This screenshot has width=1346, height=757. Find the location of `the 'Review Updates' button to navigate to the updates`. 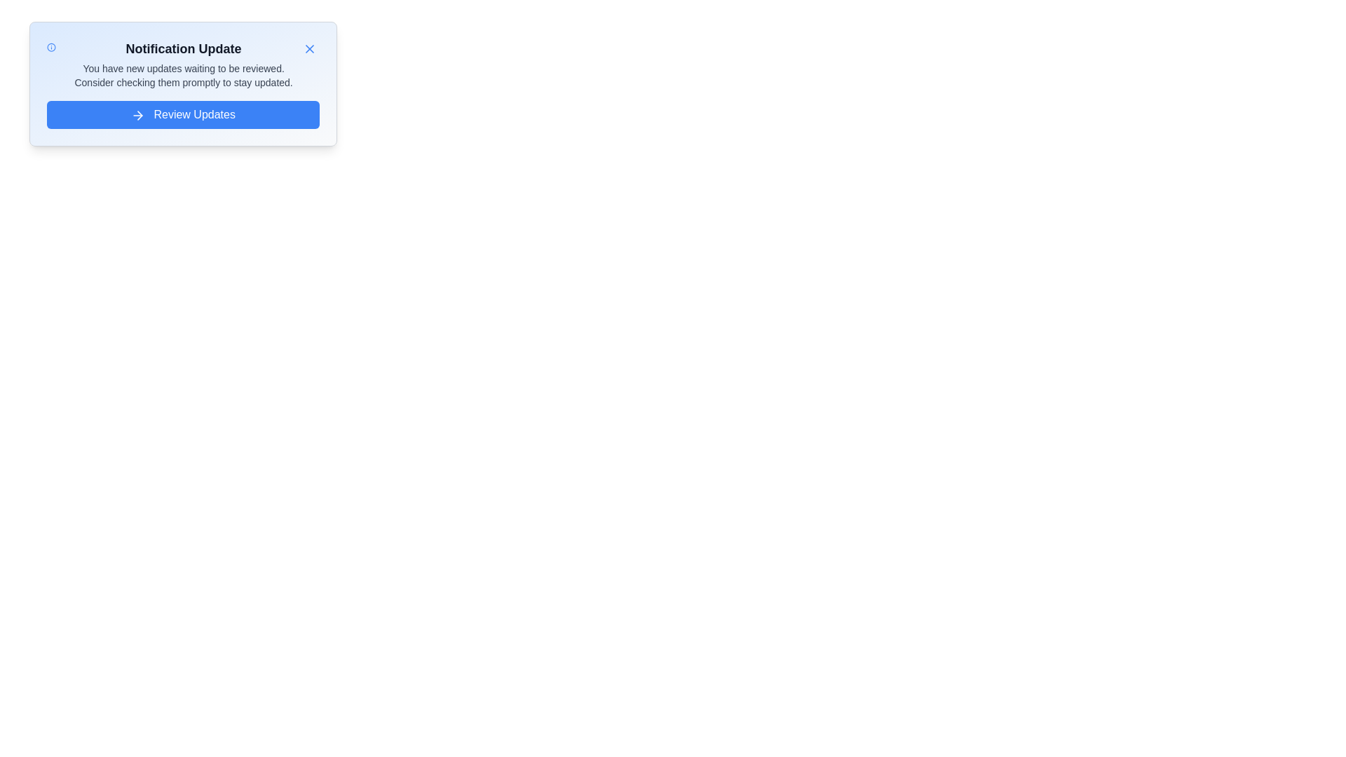

the 'Review Updates' button to navigate to the updates is located at coordinates (182, 114).